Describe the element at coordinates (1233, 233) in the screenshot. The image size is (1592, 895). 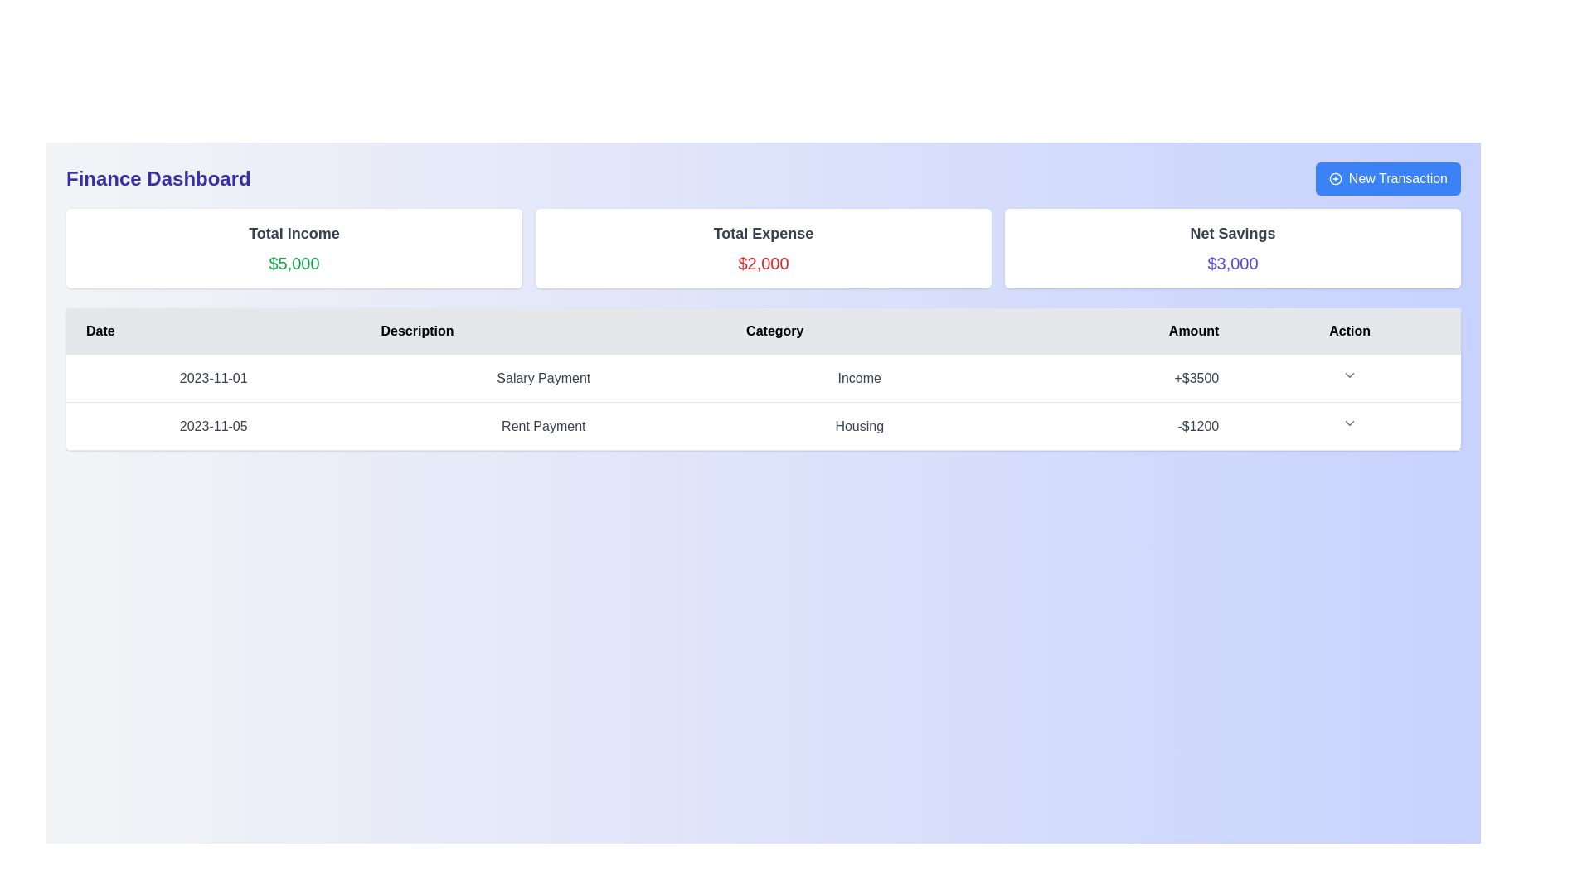
I see `the 'Net Savings' text label, which is styled in large, bold gray font and positioned at the top of a rectangular white card with rounded corners in the top-right section of the interface` at that location.